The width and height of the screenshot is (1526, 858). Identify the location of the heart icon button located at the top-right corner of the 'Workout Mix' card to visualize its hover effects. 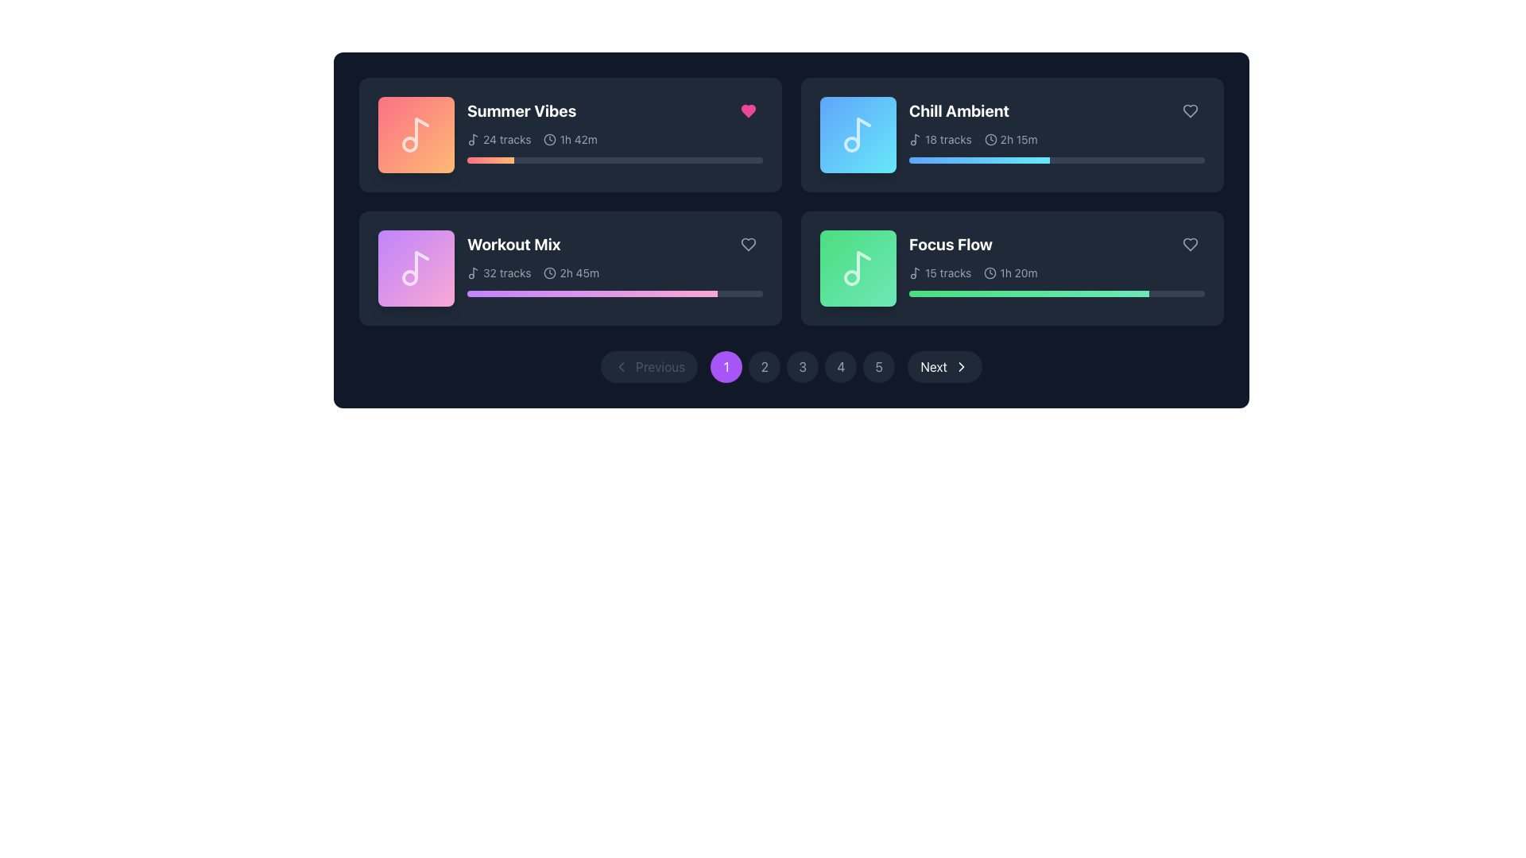
(747, 245).